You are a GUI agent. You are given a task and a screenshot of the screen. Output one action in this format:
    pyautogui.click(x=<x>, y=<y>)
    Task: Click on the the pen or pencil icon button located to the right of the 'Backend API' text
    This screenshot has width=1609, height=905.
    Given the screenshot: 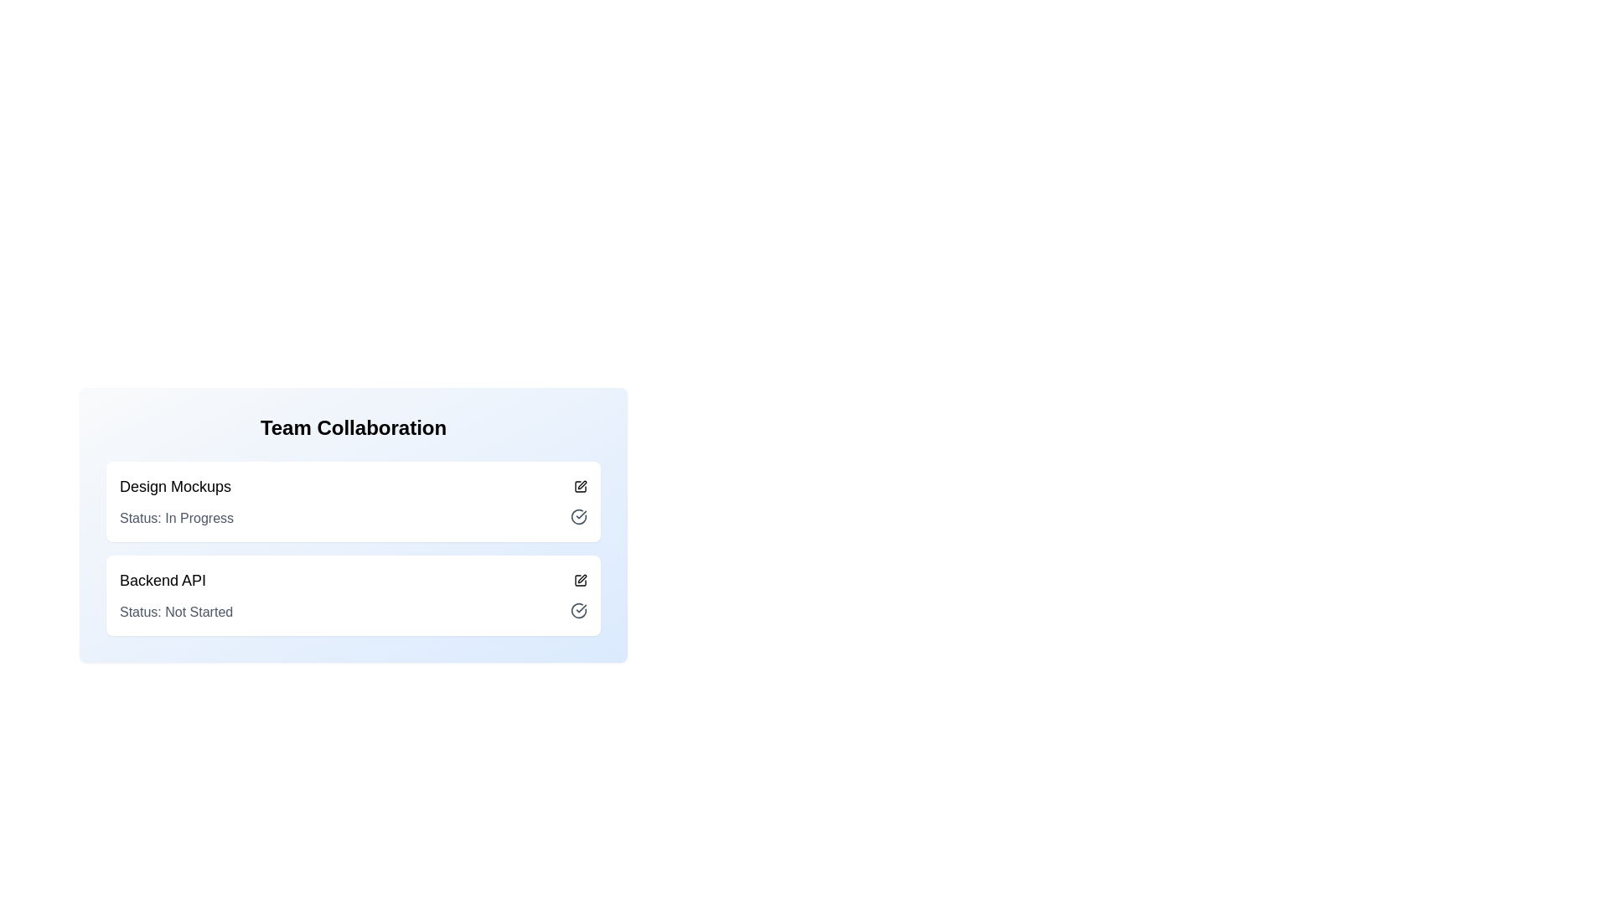 What is the action you would take?
    pyautogui.click(x=580, y=580)
    